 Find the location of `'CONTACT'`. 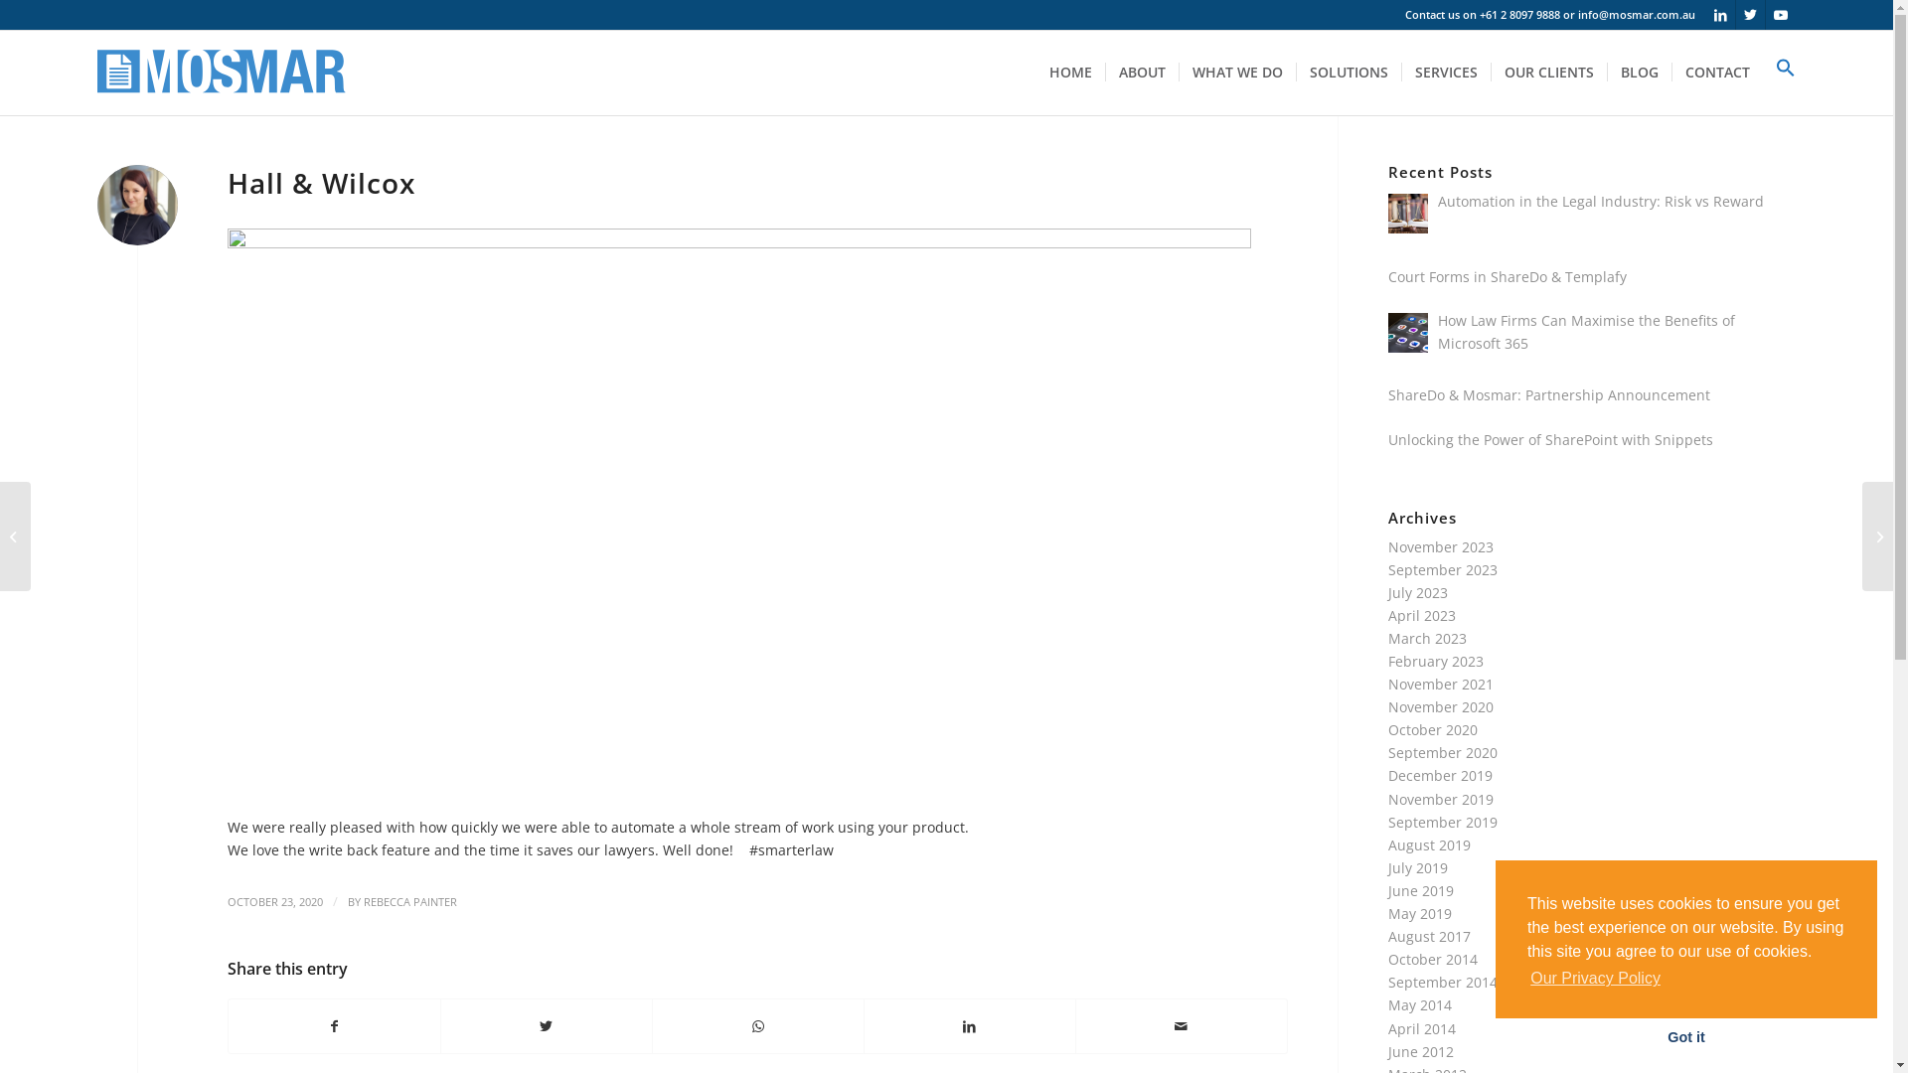

'CONTACT' is located at coordinates (1716, 72).